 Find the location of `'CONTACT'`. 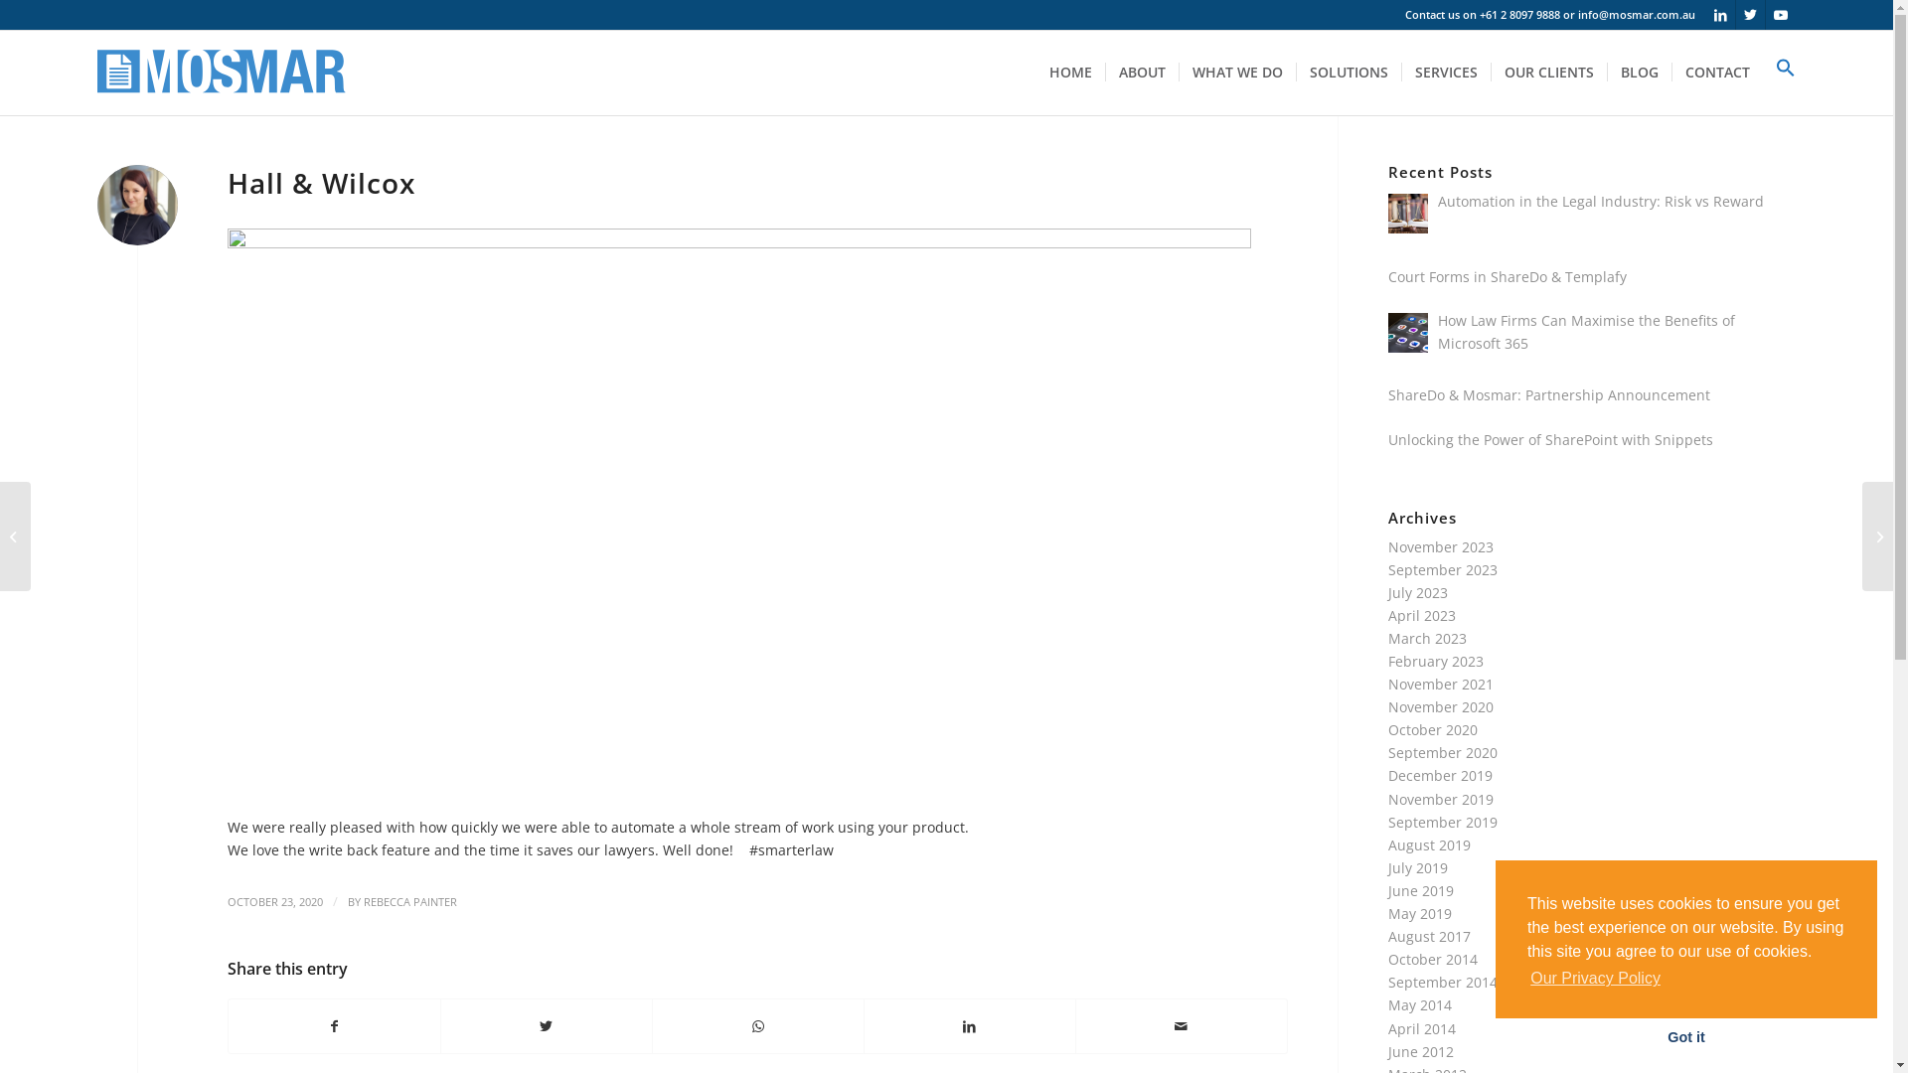

'CONTACT' is located at coordinates (1716, 72).